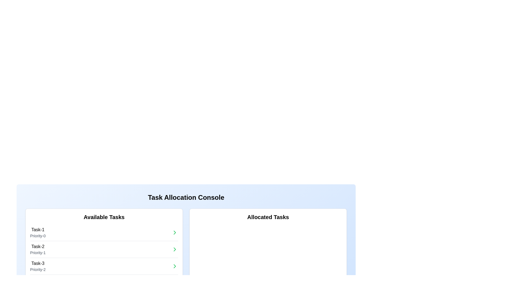 The height and width of the screenshot is (298, 531). Describe the element at coordinates (175, 266) in the screenshot. I see `the Chevron Icon Button, the third item in the vertical list within the 'Available Tasks' column` at that location.